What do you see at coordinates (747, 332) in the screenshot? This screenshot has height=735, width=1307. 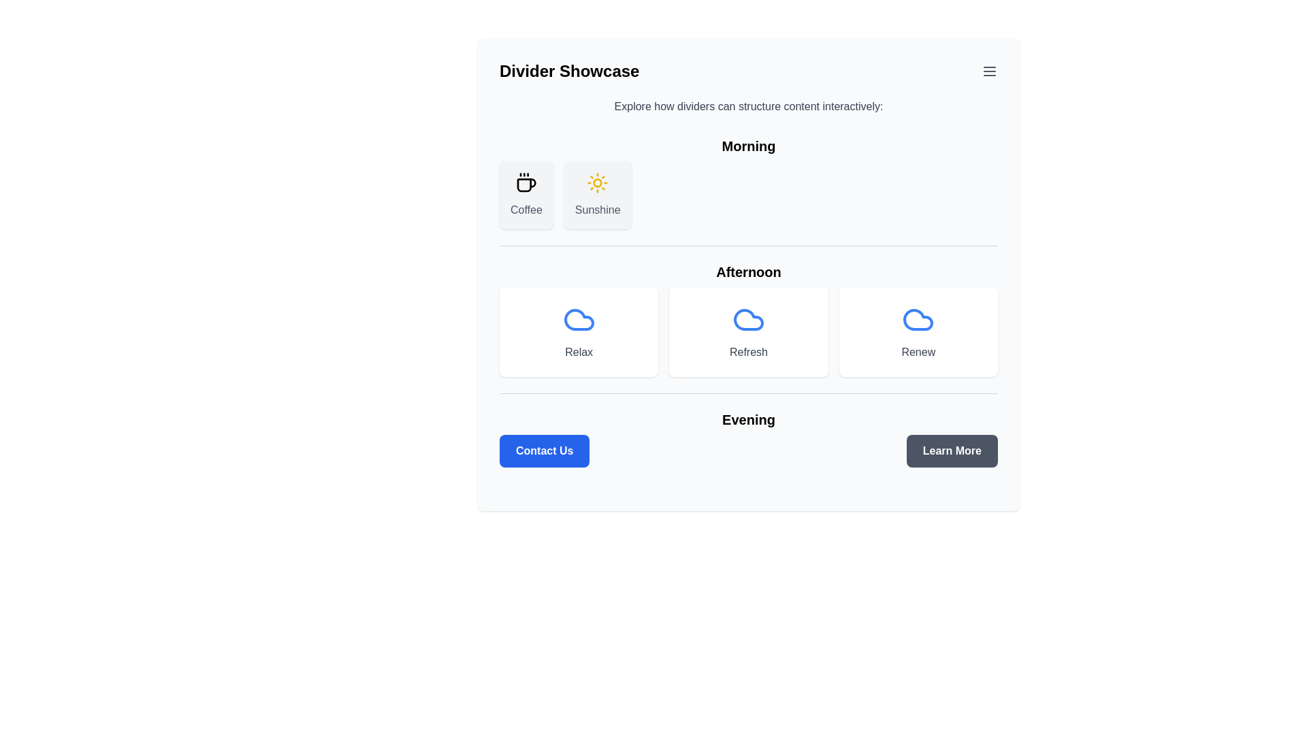 I see `the clickable visual card labeled 'Refresh' located in the middle of a horizontal list of three cards in the 'Afternoon' section` at bounding box center [747, 332].